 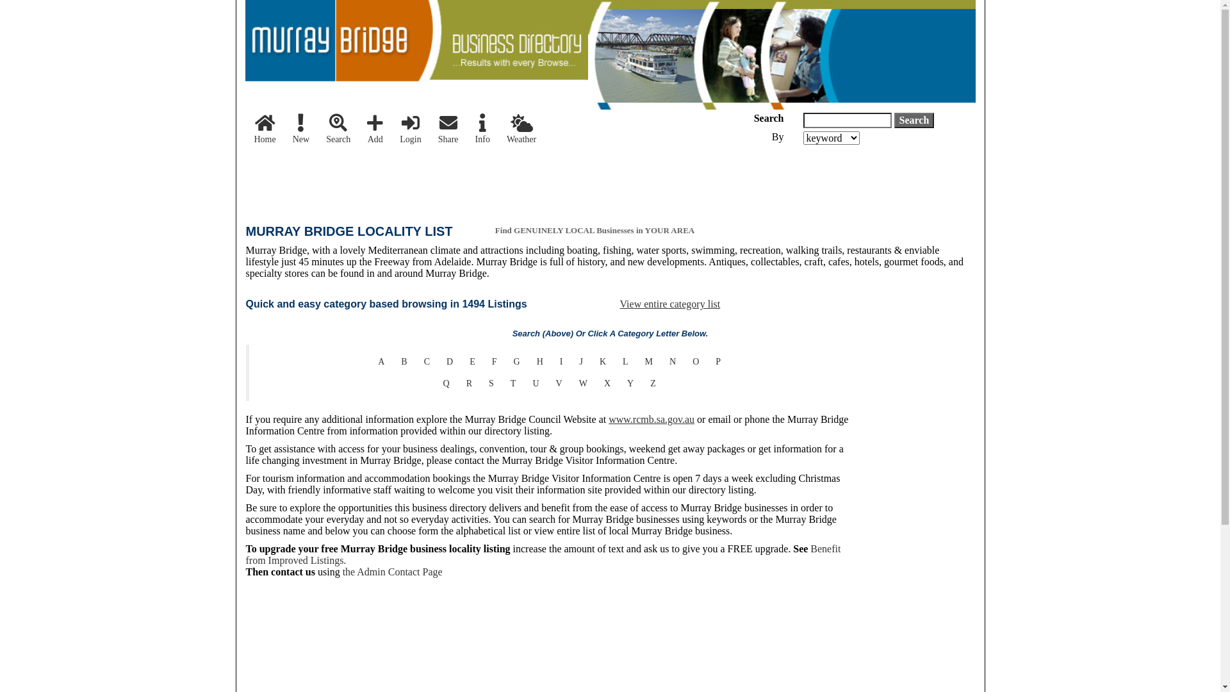 What do you see at coordinates (392, 571) in the screenshot?
I see `'the Admin Contact Page'` at bounding box center [392, 571].